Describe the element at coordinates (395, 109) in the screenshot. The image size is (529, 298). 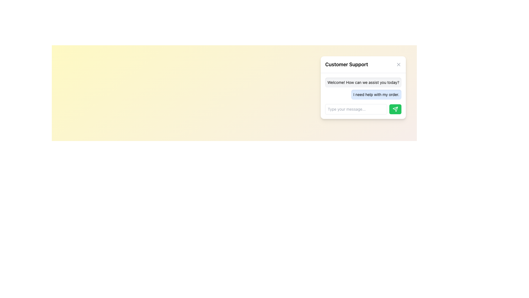
I see `the send button located at the right end of the input field in the chat interface` at that location.